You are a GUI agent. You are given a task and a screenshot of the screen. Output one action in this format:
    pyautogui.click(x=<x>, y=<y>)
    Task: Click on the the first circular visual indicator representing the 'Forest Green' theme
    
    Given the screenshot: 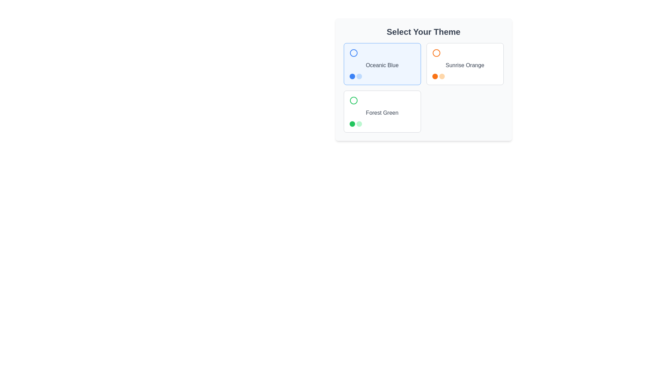 What is the action you would take?
    pyautogui.click(x=352, y=123)
    